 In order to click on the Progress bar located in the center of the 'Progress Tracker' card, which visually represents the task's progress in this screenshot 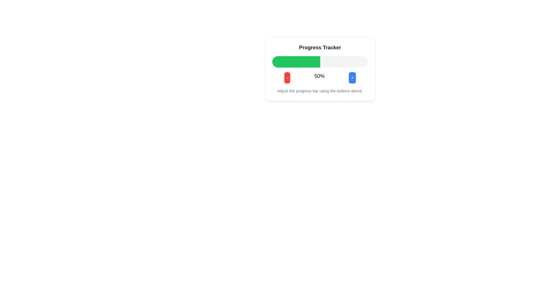, I will do `click(320, 62)`.